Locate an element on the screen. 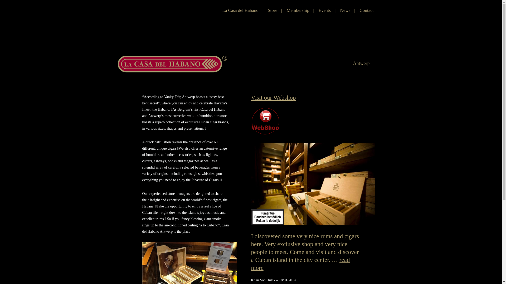 This screenshot has height=284, width=506. 'read more' is located at coordinates (250, 264).